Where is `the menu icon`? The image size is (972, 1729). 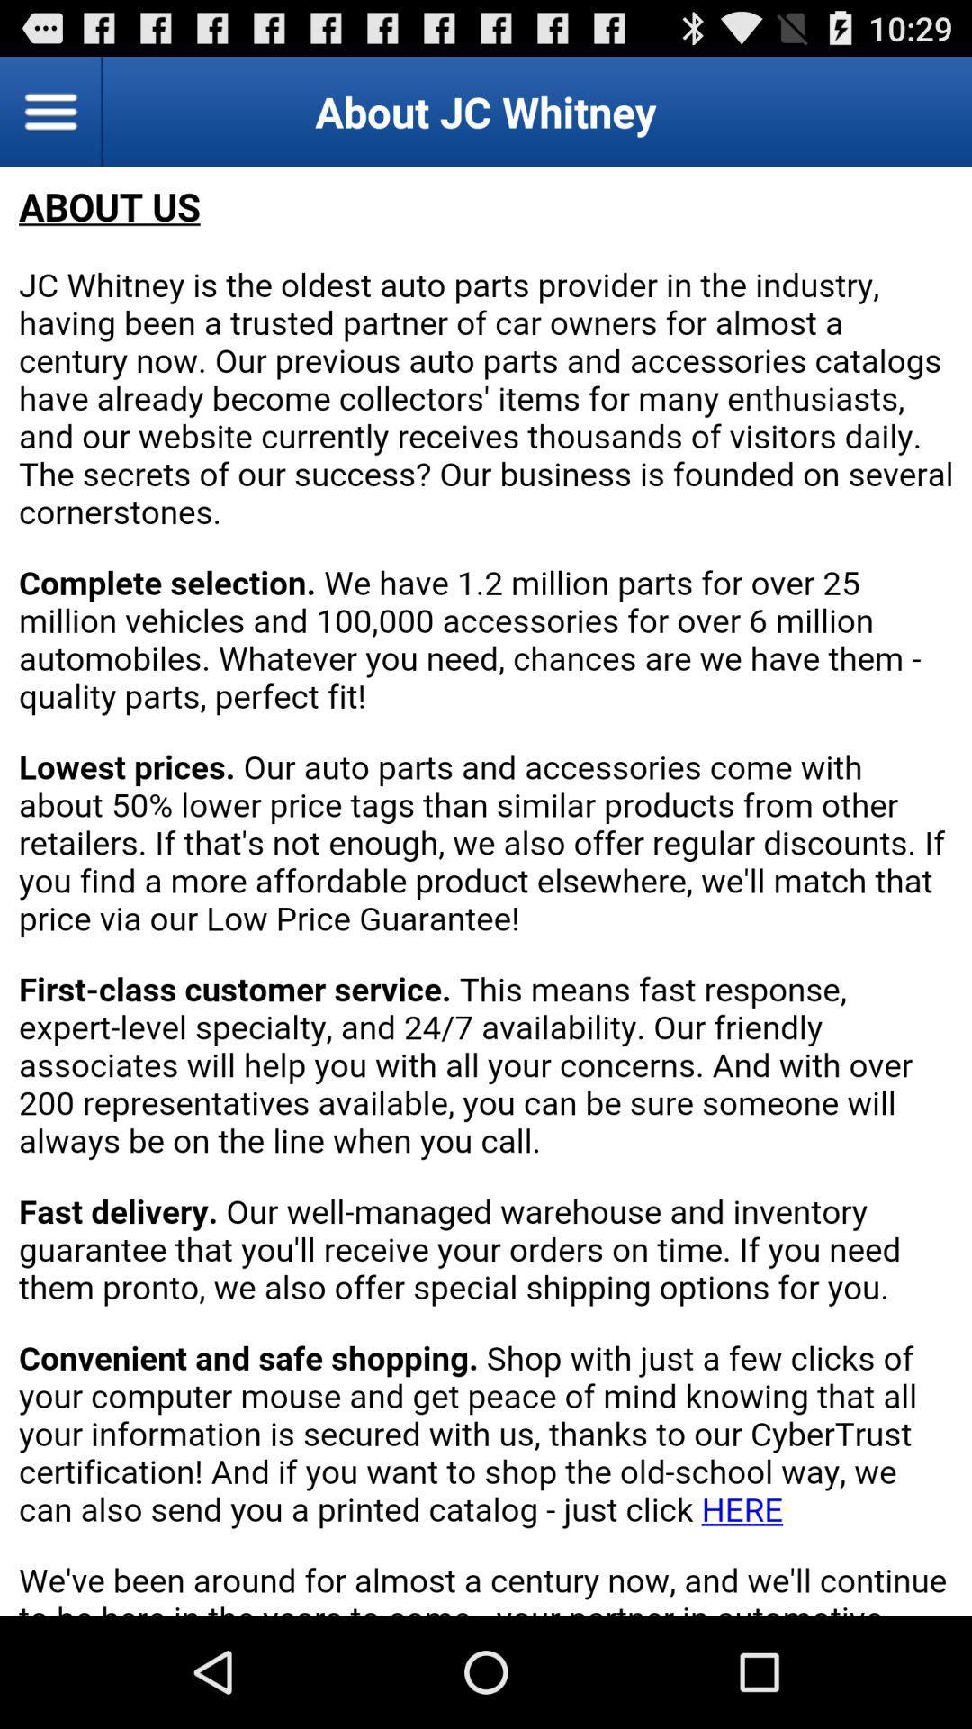
the menu icon is located at coordinates (50, 118).